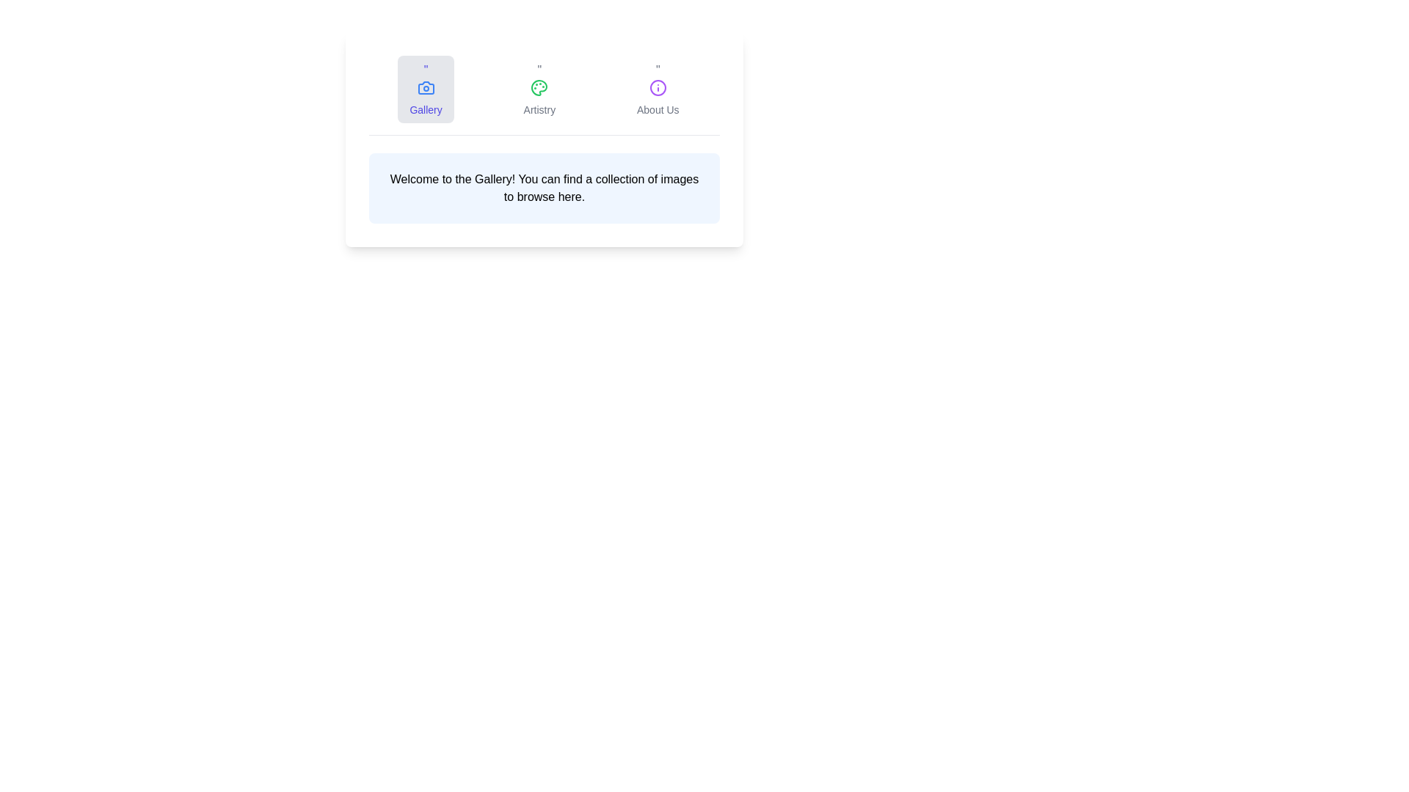  I want to click on the tab button labeled About Us to observe the hover effect, so click(657, 89).